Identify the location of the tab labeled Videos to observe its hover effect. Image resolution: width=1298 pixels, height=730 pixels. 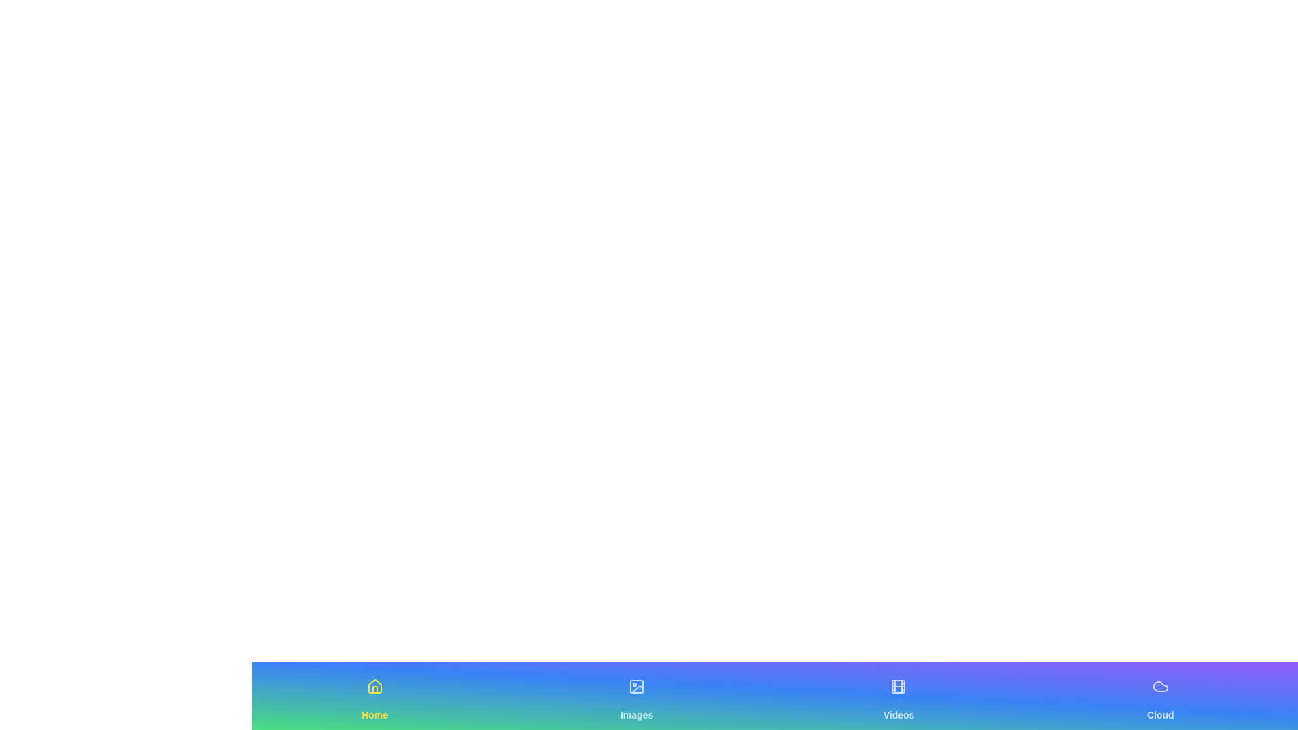
(898, 696).